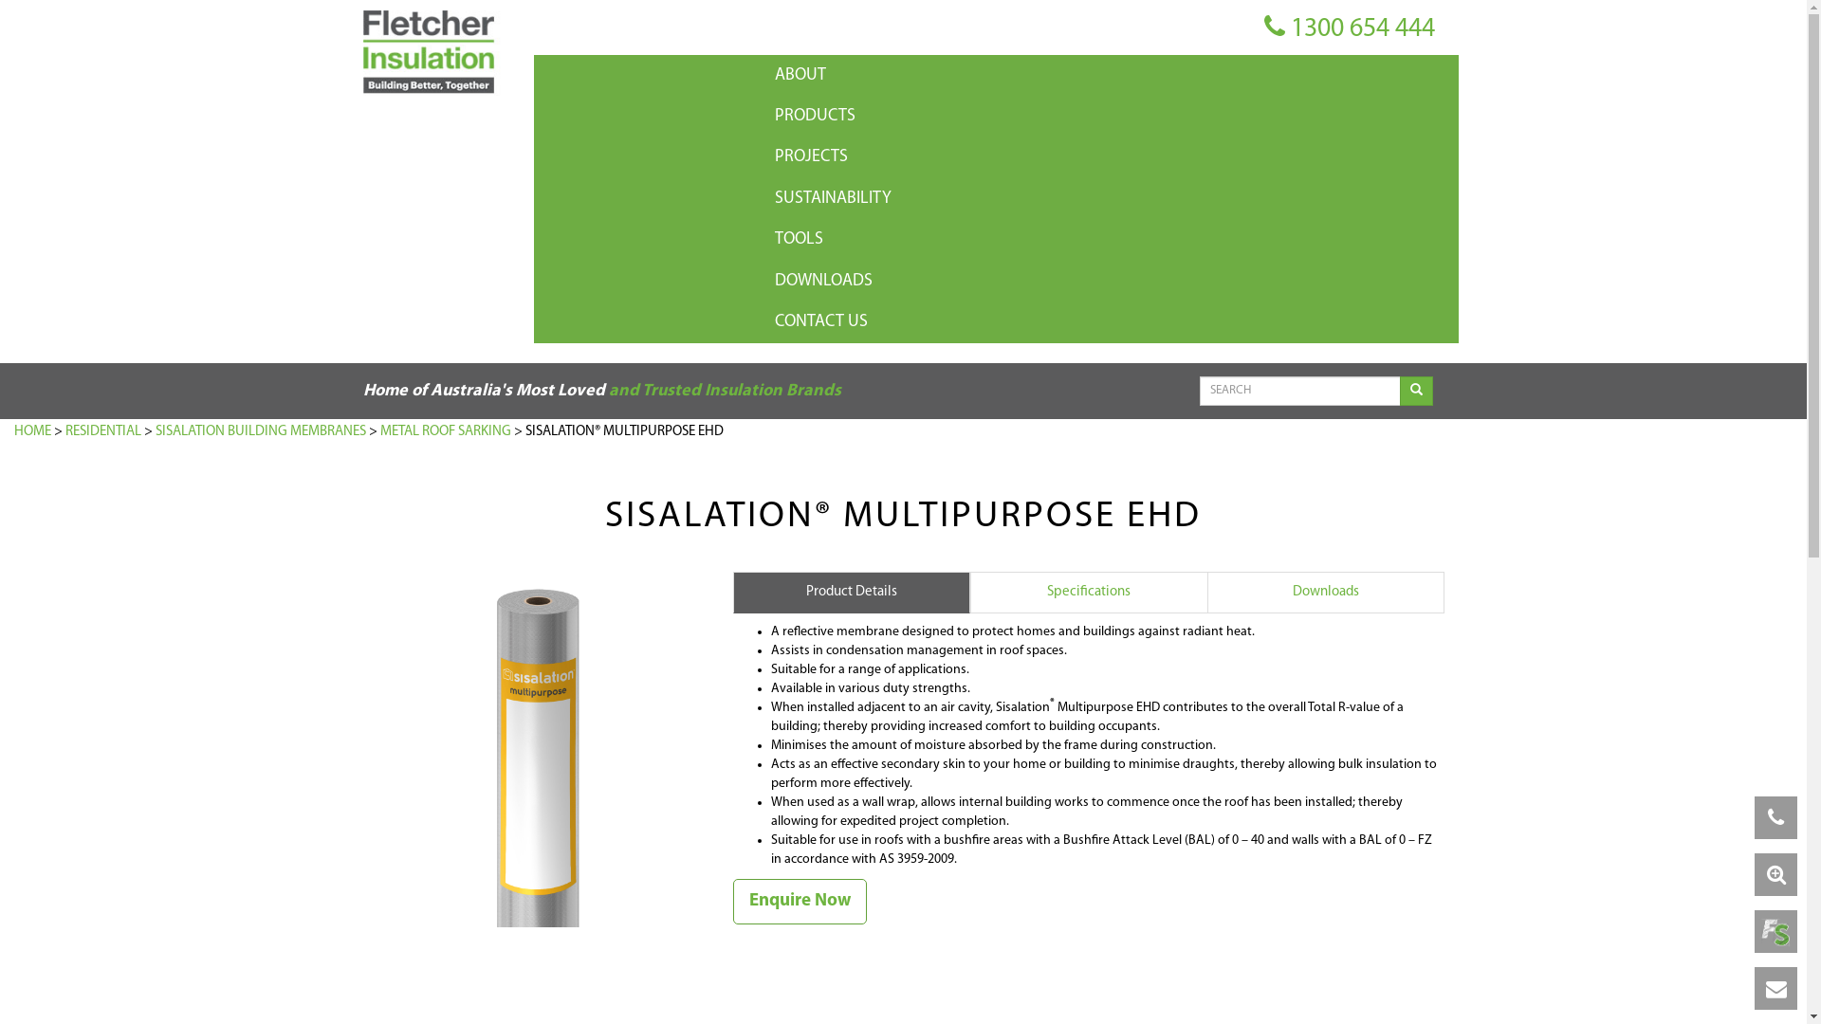 Image resolution: width=1821 pixels, height=1024 pixels. Describe the element at coordinates (1088, 591) in the screenshot. I see `'Specifications'` at that location.